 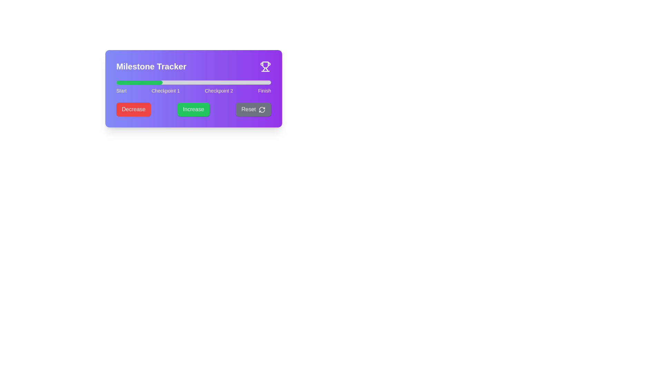 I want to click on the second static label indicating a checkpoint milestone in the progress tracker component, located between 'Start' and 'Checkpoint 2', so click(x=166, y=90).